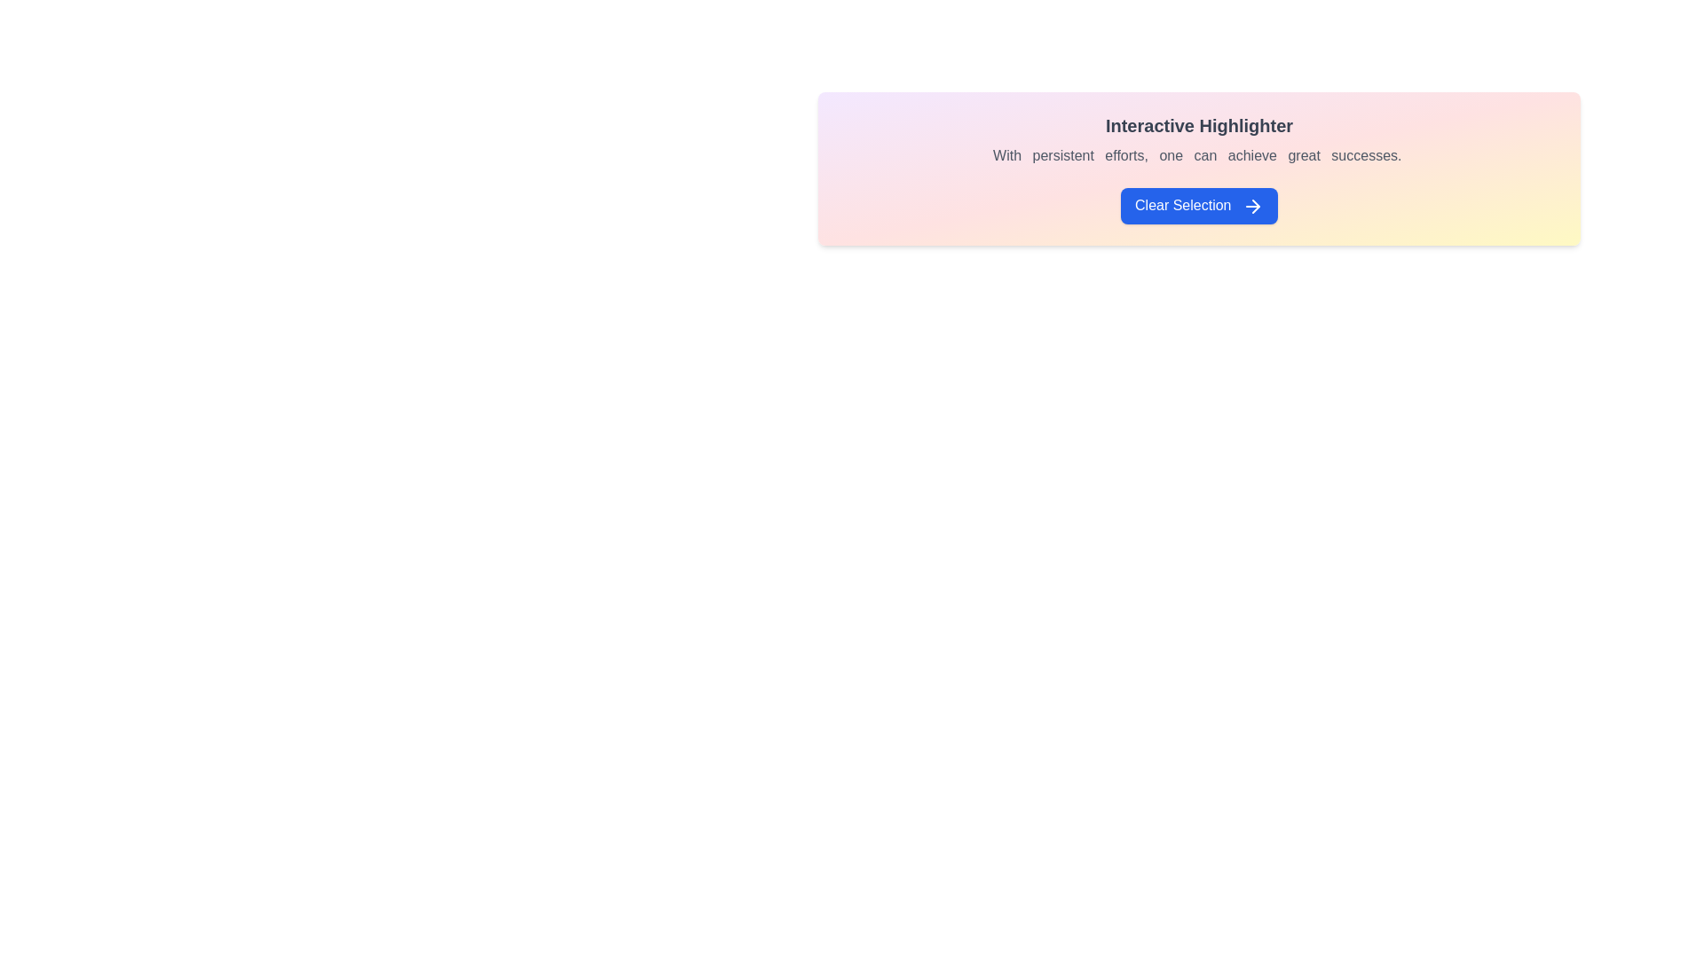  I want to click on the word 'can' which is the fifth word in the sentence 'With persistent efforts, one can achieve great successes.' located in a text area with a gradient background, so click(1207, 154).